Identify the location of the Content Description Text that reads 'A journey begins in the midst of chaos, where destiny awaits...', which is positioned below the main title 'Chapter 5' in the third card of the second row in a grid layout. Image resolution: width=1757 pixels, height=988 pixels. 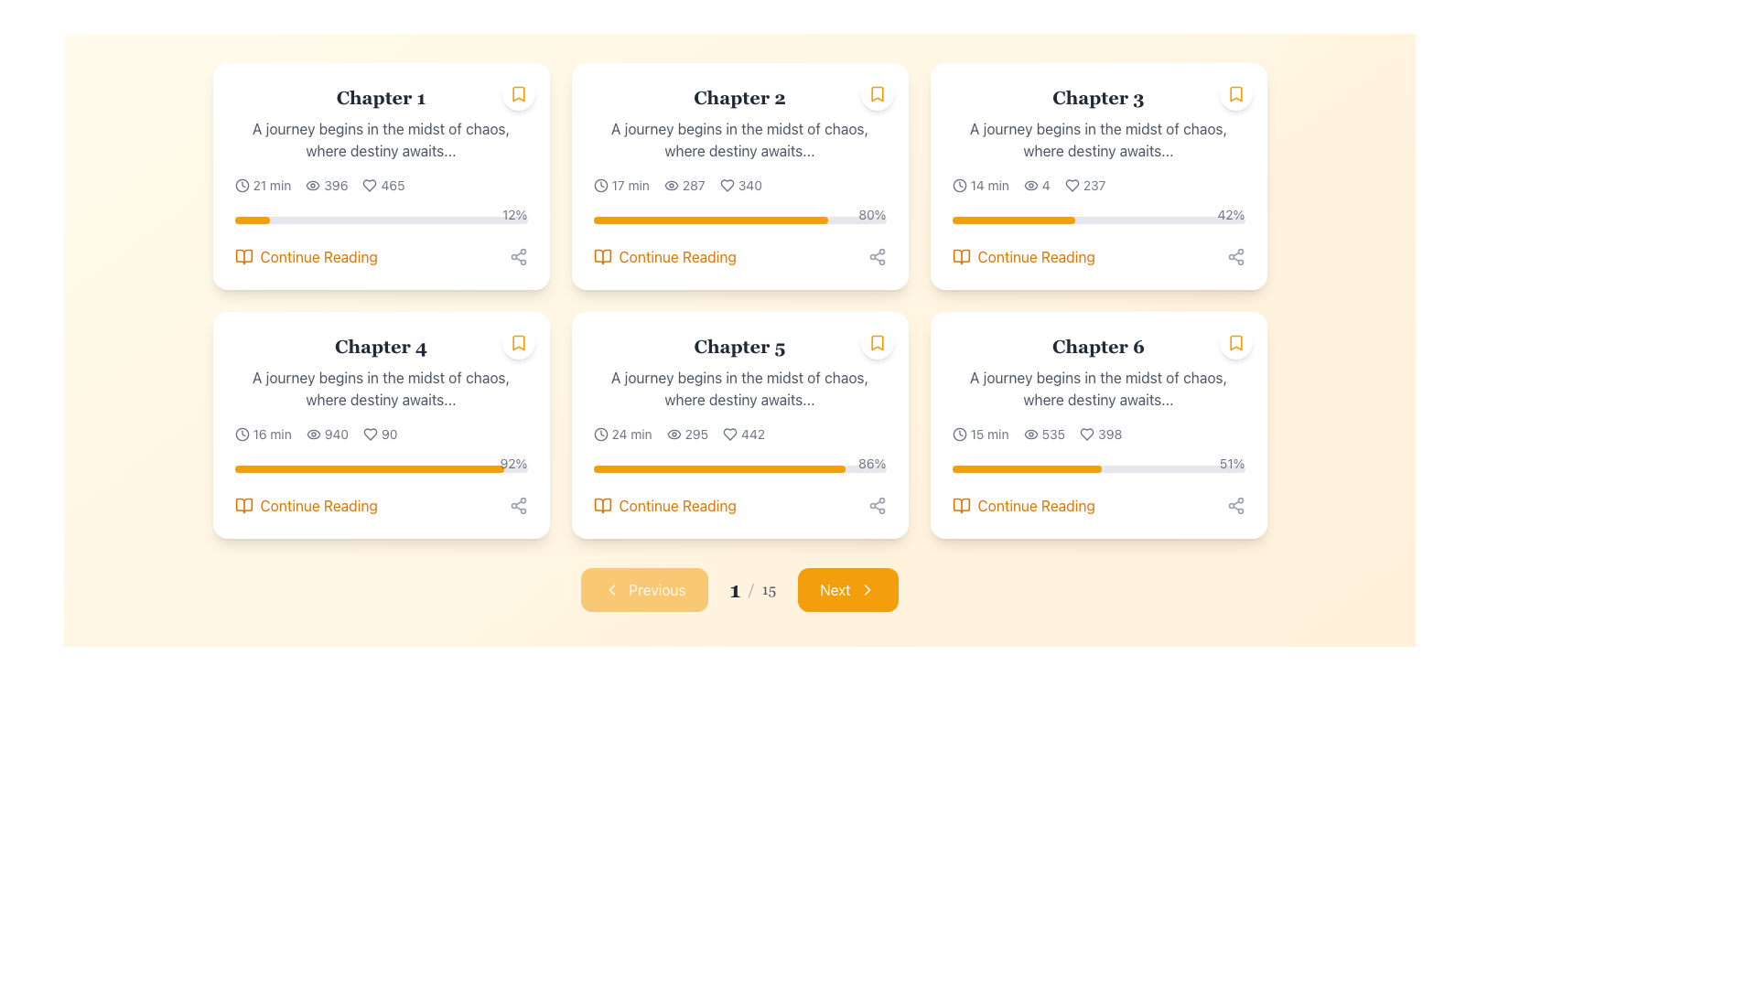
(739, 387).